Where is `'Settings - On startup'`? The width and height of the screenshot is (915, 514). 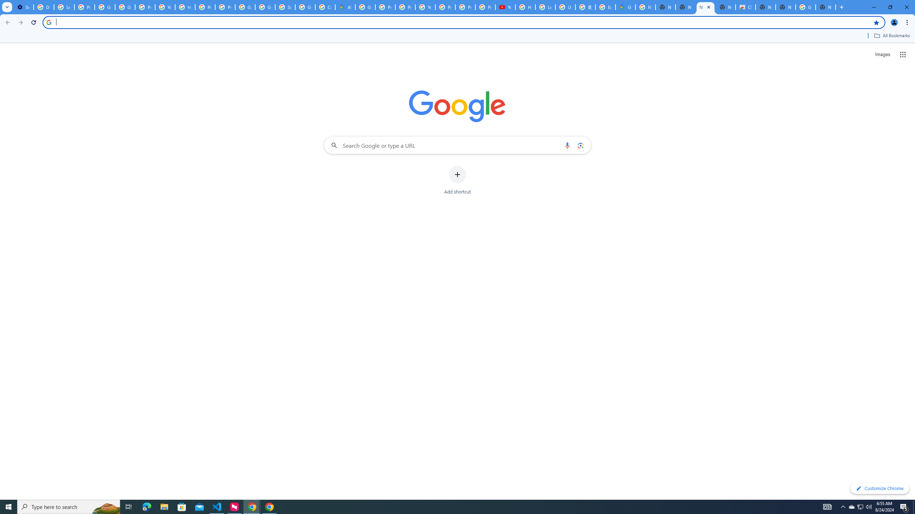 'Settings - On startup' is located at coordinates (23, 7).